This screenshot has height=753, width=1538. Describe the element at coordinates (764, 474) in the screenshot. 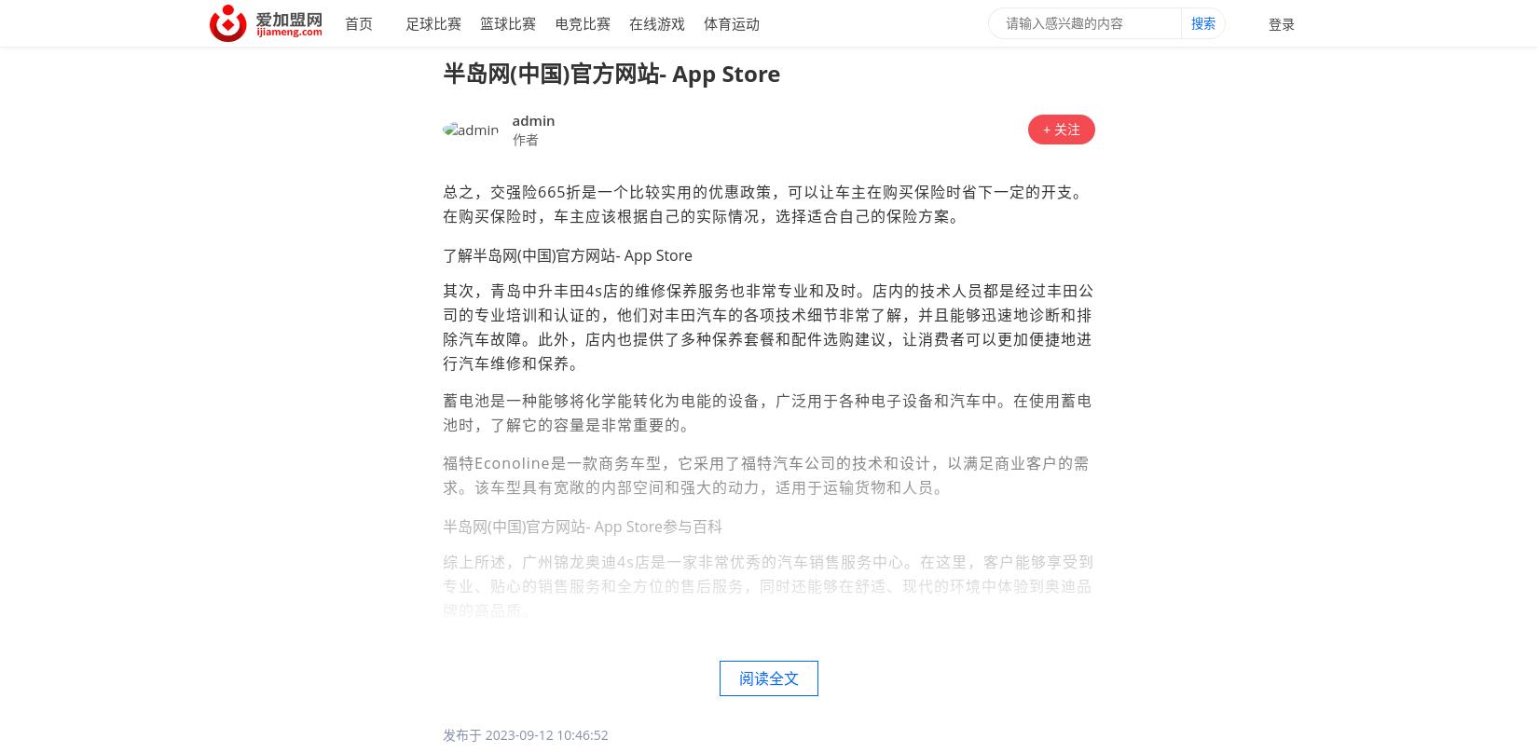

I see `'福特Econoline是一款商务车型，它采用了福特汽车公司的技术和设计，以满足商业客户的需求。该车型具有宽敞的内部空间和强大的动力，适用于运输货物和人员。'` at that location.